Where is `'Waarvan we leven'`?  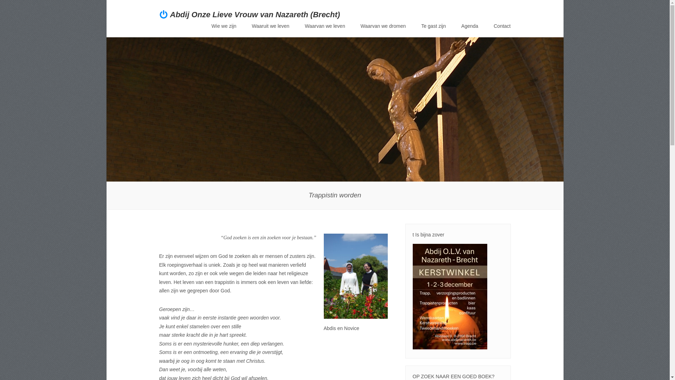 'Waarvan we leven' is located at coordinates (324, 25).